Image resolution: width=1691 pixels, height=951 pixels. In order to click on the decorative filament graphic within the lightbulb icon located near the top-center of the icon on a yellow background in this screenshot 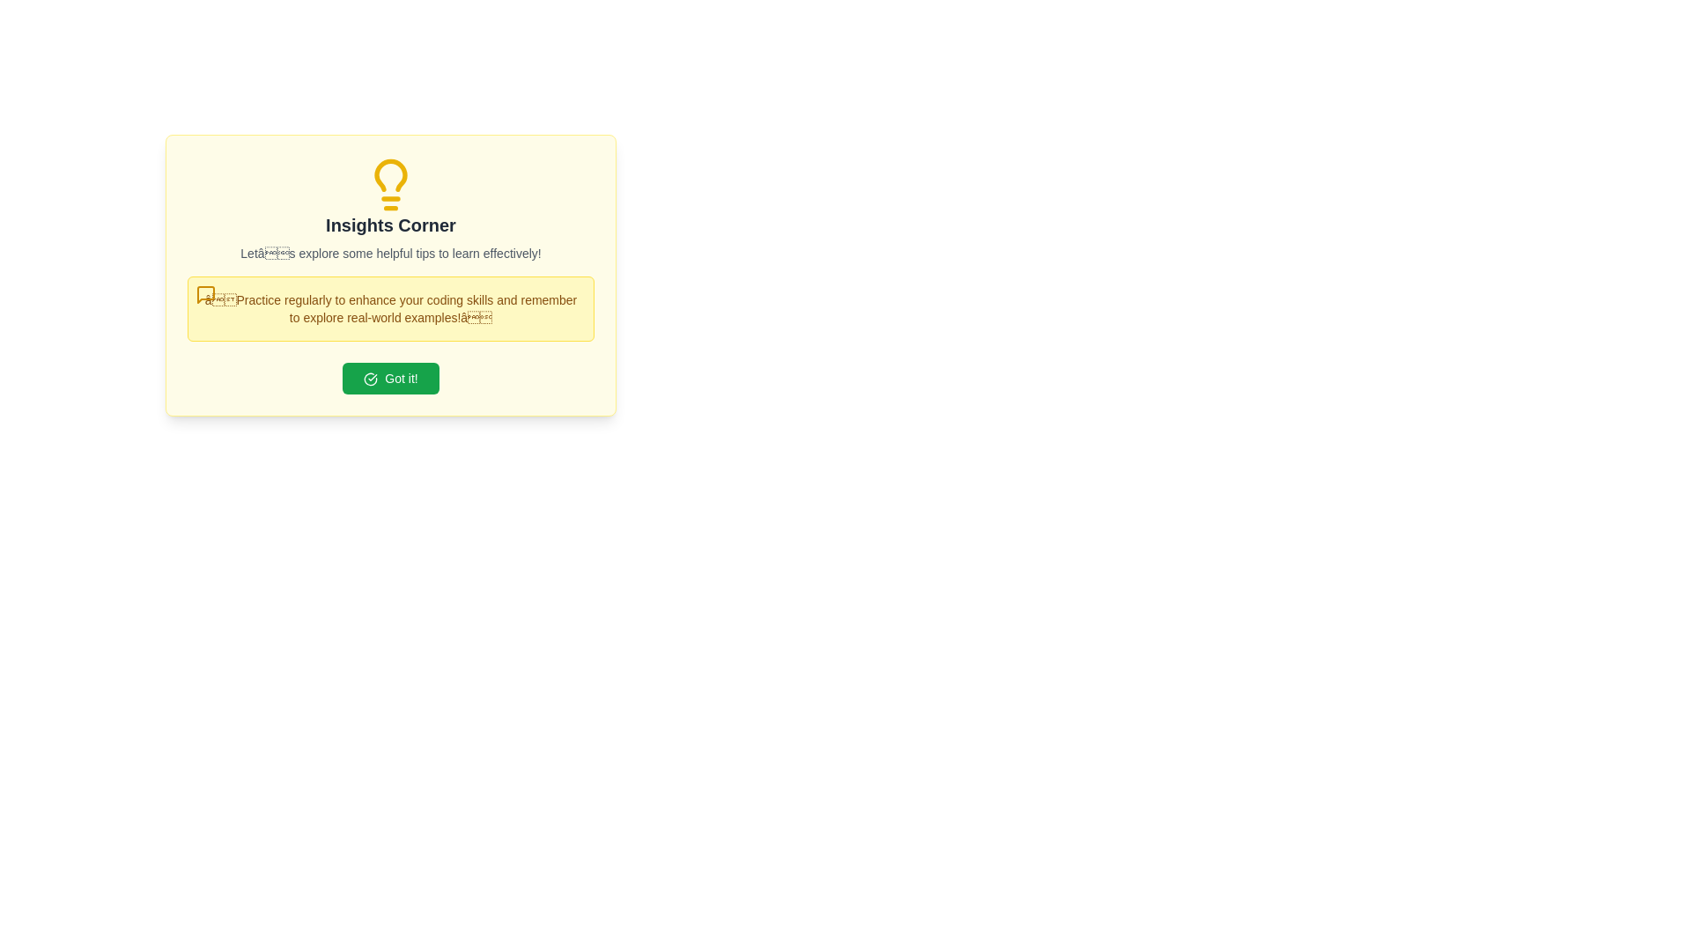, I will do `click(390, 175)`.